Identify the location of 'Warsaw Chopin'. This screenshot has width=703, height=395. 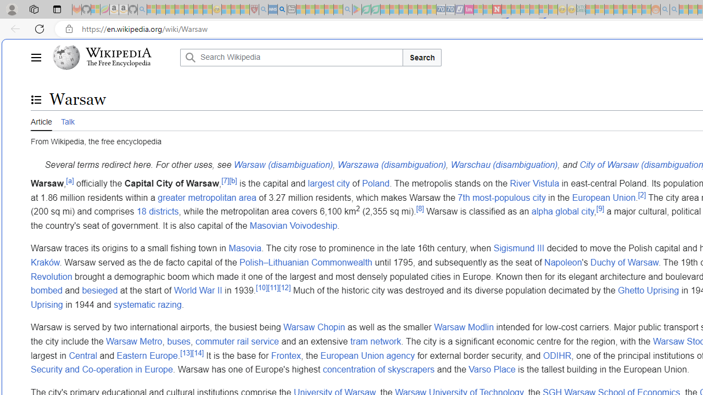
(314, 327).